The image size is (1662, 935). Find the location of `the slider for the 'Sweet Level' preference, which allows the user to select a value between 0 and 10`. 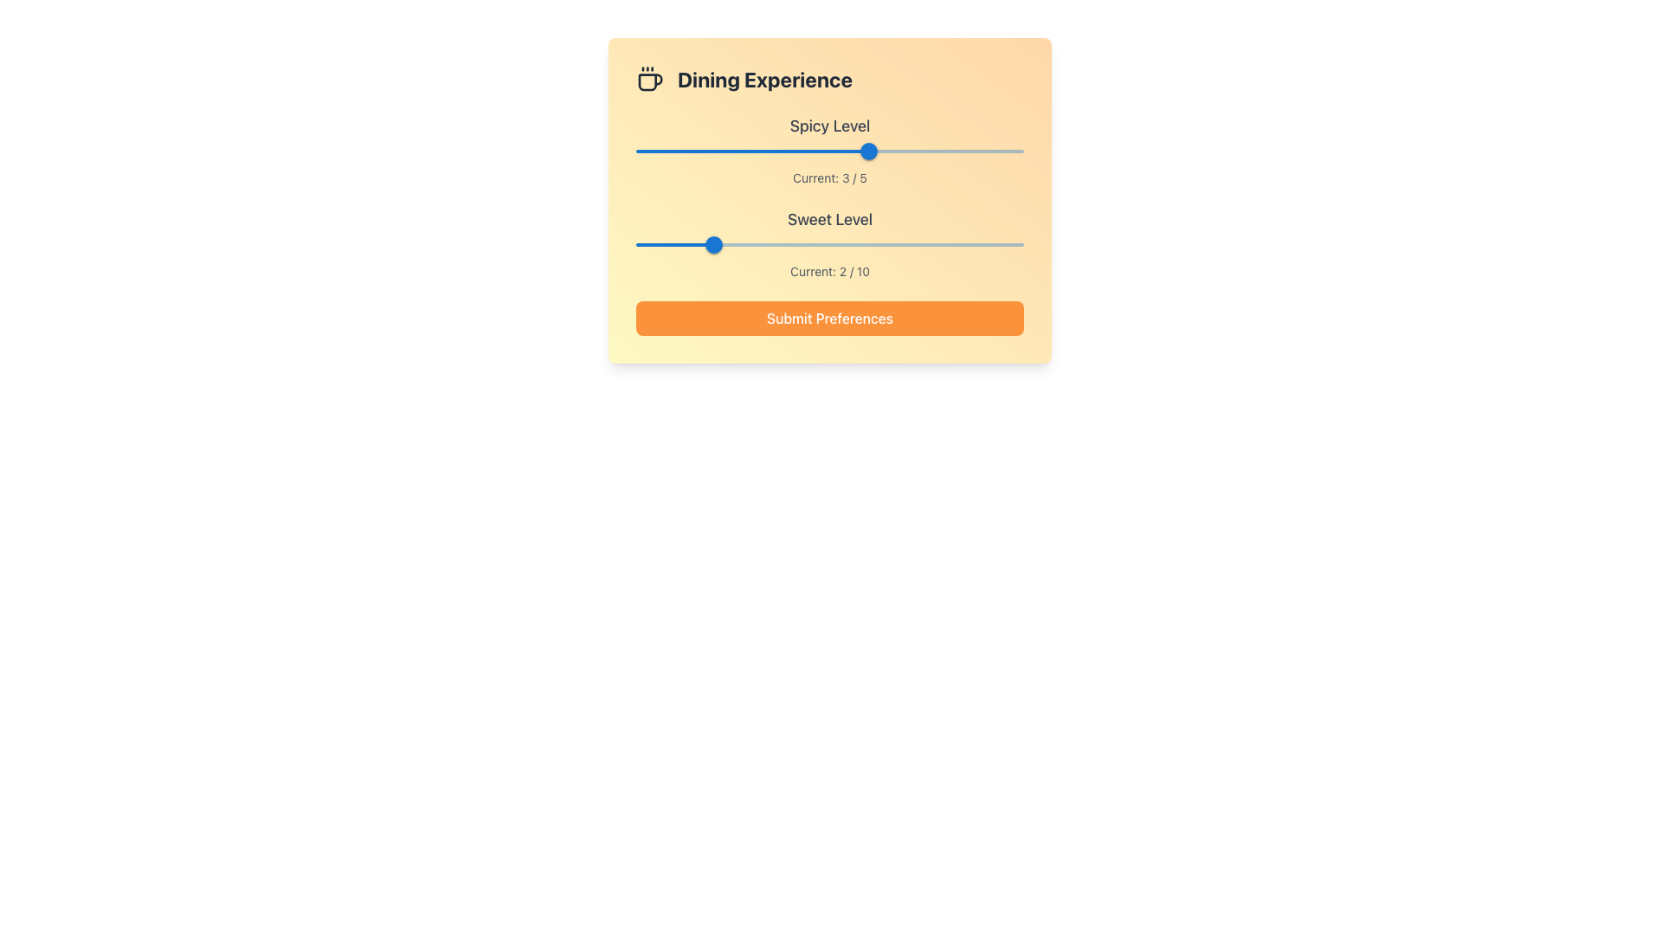

the slider for the 'Sweet Level' preference, which allows the user to select a value between 0 and 10 is located at coordinates (829, 244).